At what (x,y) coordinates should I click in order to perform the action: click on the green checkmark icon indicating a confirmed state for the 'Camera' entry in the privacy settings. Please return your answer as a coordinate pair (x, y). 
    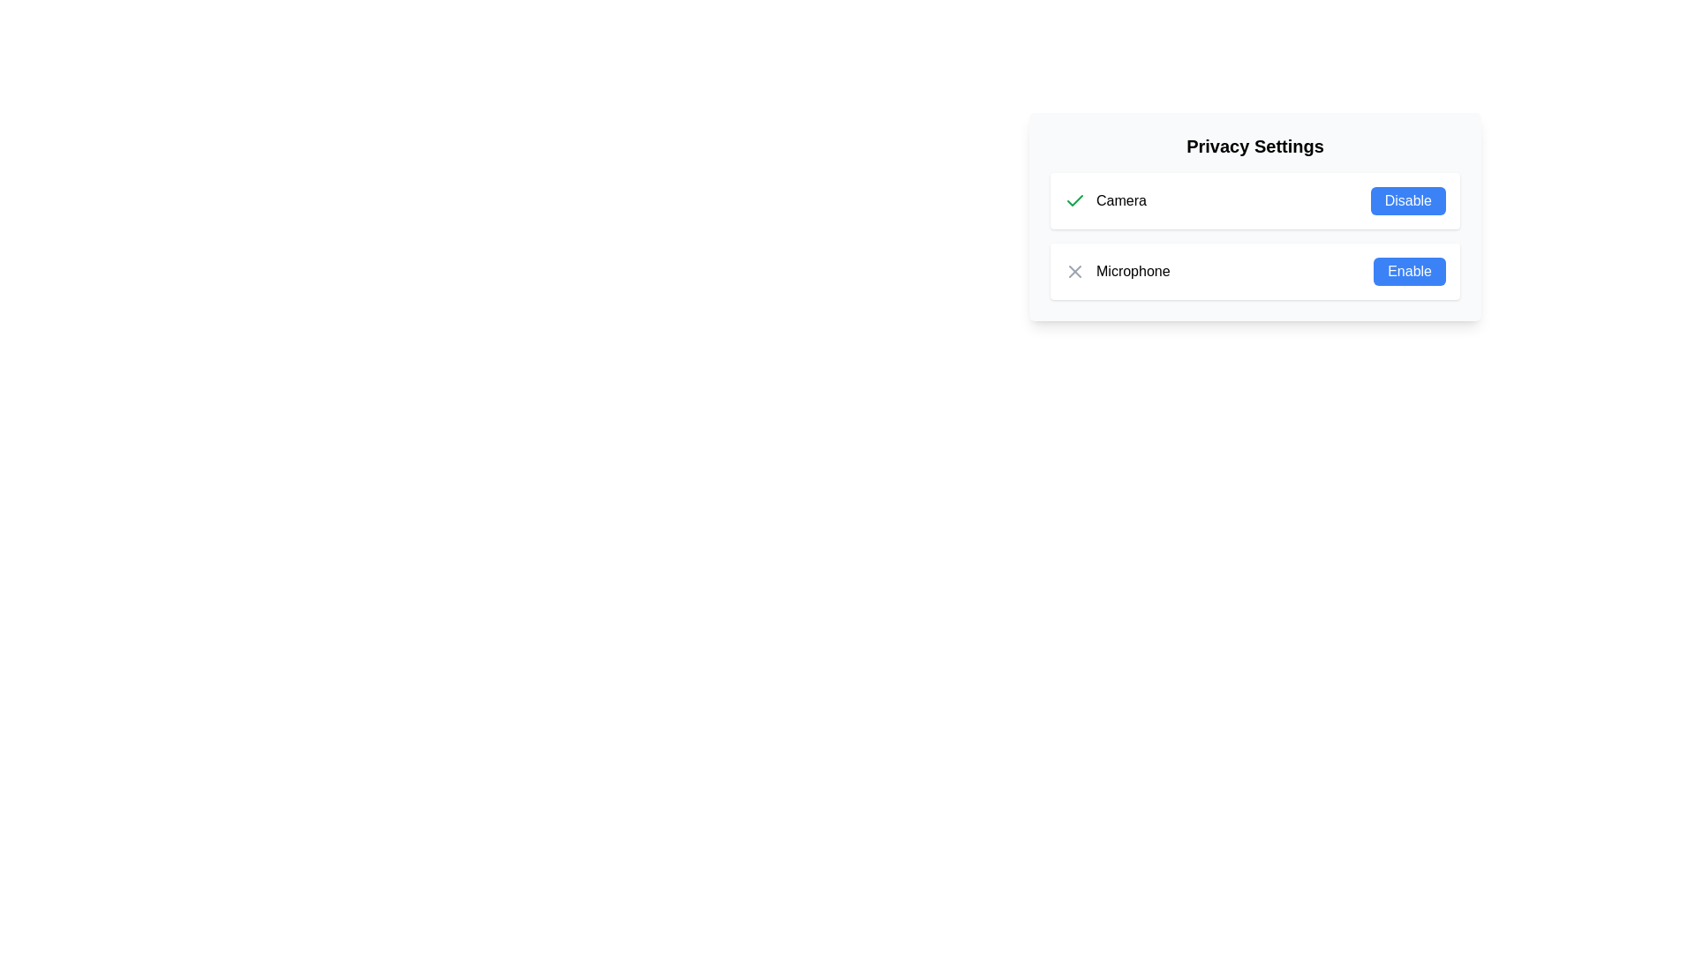
    Looking at the image, I should click on (1074, 199).